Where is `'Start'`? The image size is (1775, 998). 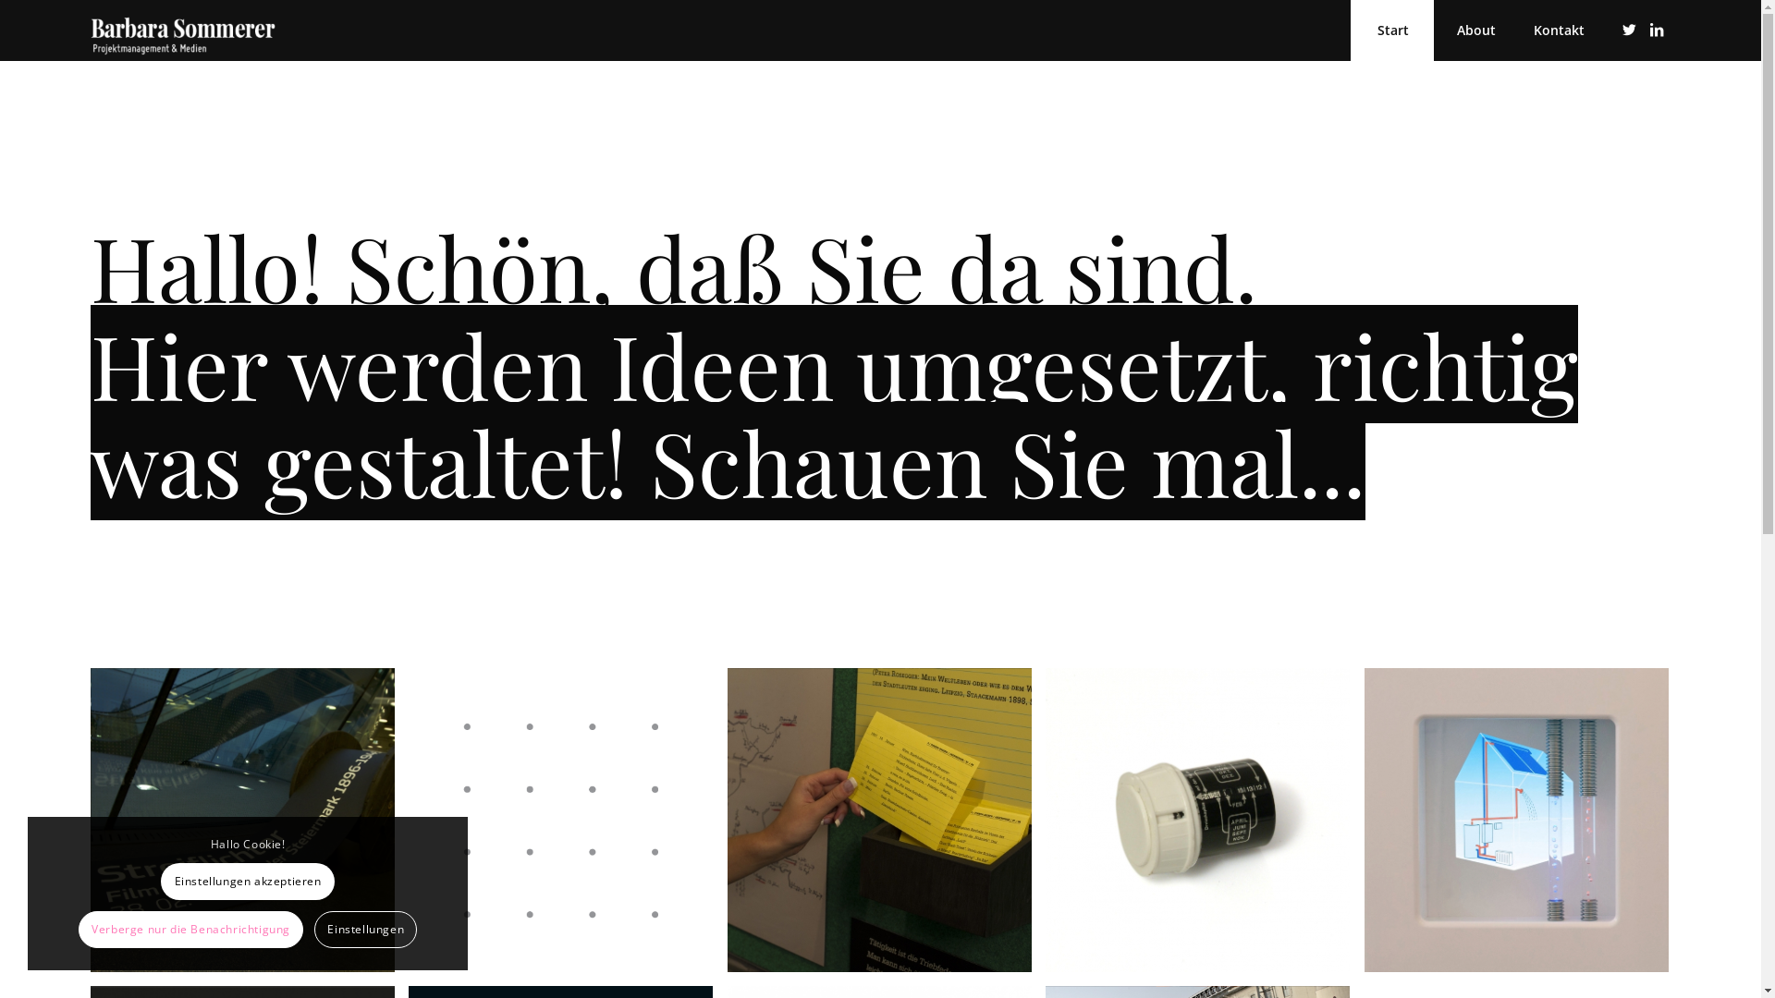
'Start' is located at coordinates (1392, 30).